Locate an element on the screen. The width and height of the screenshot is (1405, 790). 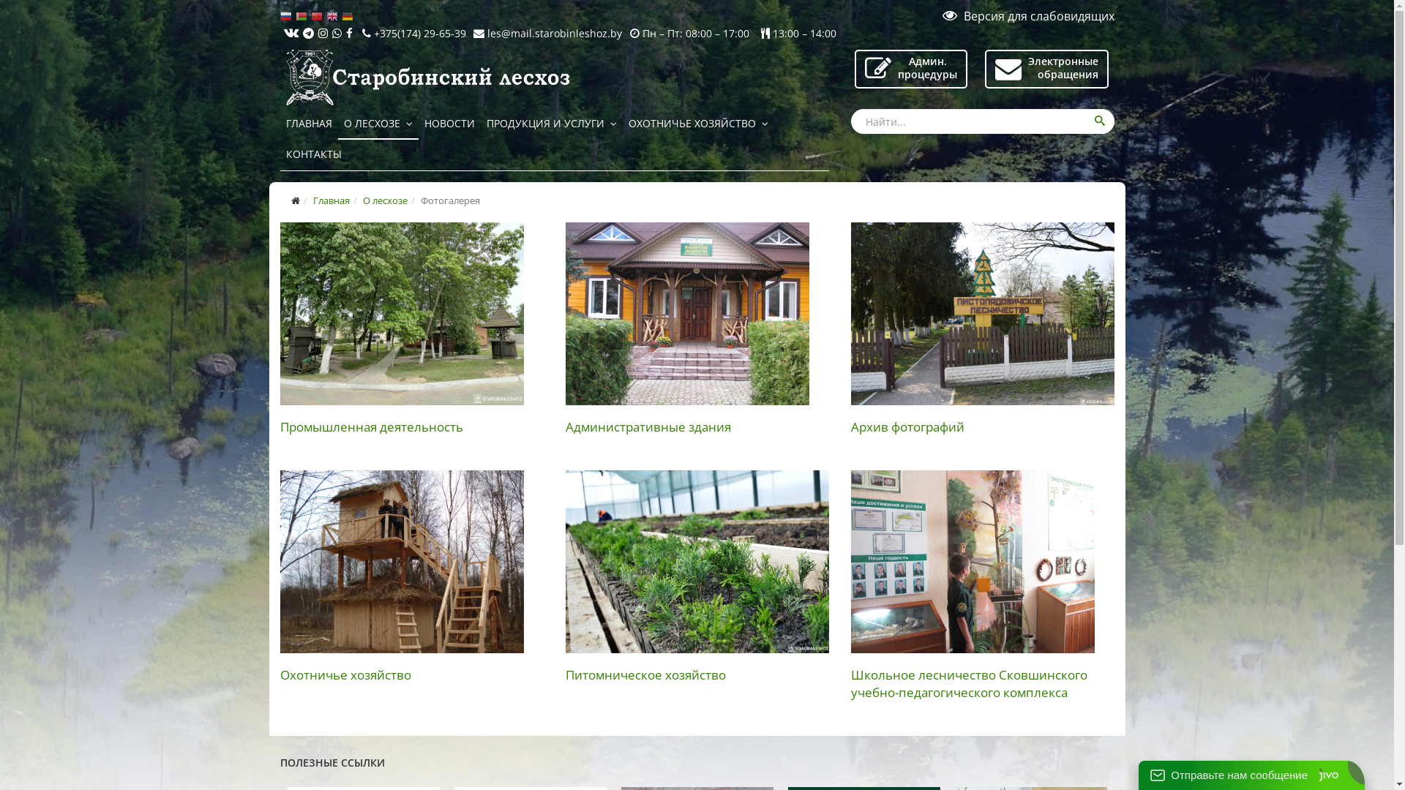
'Belarusian' is located at coordinates (302, 15).